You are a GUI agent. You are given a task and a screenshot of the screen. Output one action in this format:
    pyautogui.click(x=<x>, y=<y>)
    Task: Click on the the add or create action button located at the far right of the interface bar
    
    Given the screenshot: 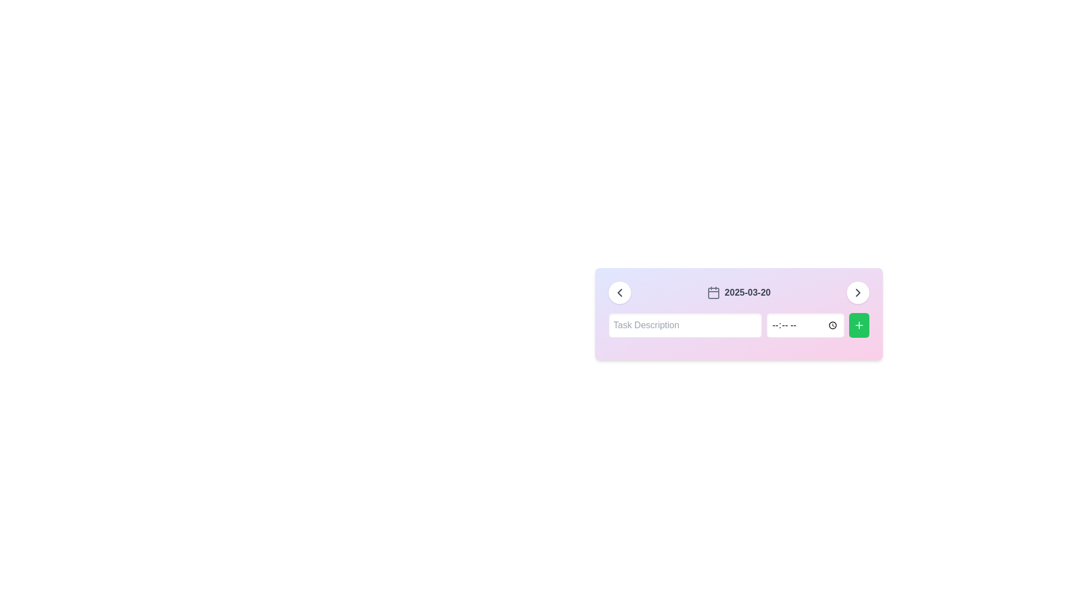 What is the action you would take?
    pyautogui.click(x=858, y=325)
    